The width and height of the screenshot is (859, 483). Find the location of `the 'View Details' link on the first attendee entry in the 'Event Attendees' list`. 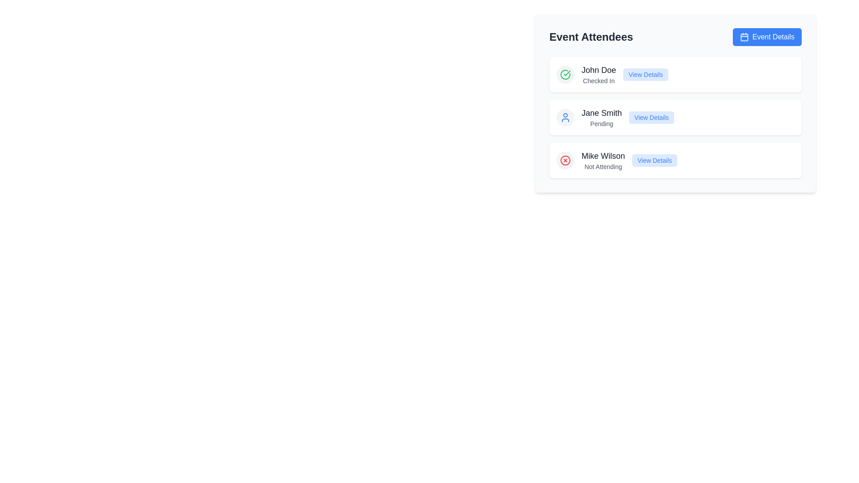

the 'View Details' link on the first attendee entry in the 'Event Attendees' list is located at coordinates (676, 74).